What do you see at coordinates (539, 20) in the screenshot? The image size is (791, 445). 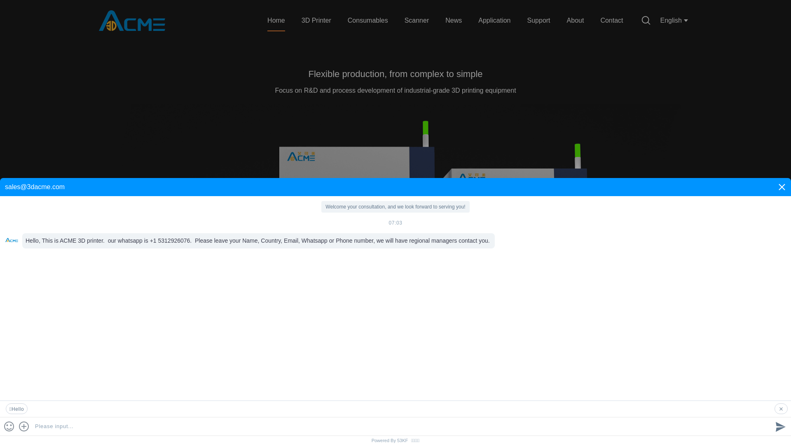 I see `'Support'` at bounding box center [539, 20].